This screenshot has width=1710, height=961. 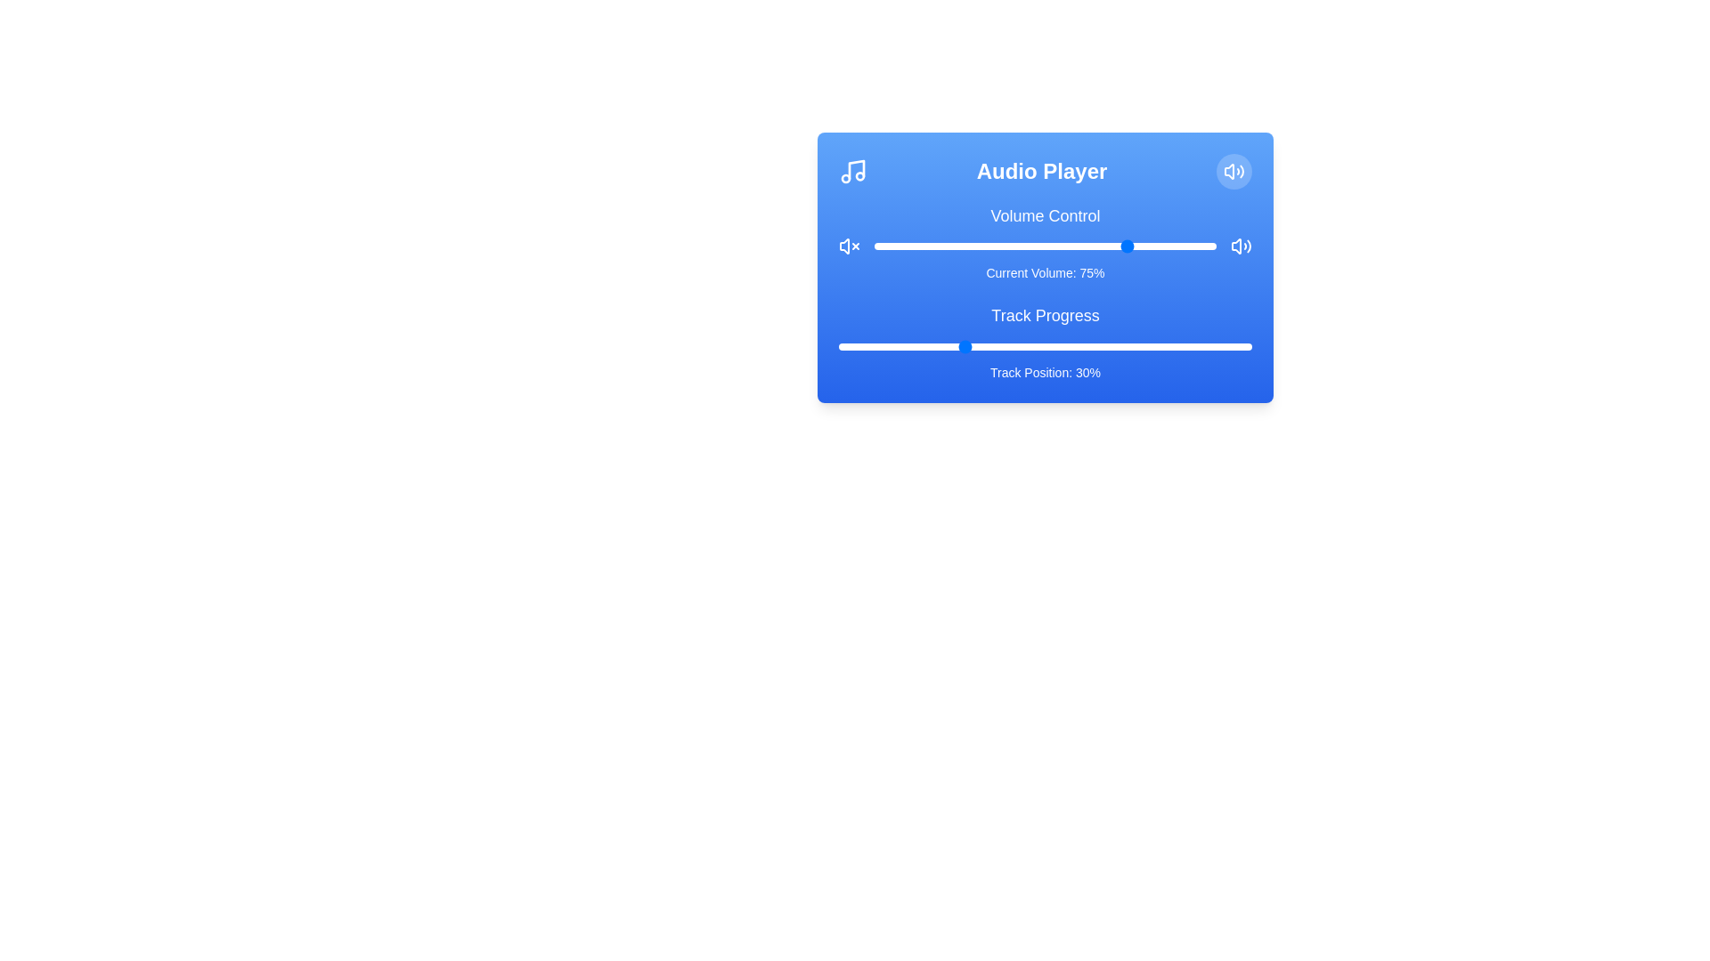 I want to click on volume, so click(x=945, y=243).